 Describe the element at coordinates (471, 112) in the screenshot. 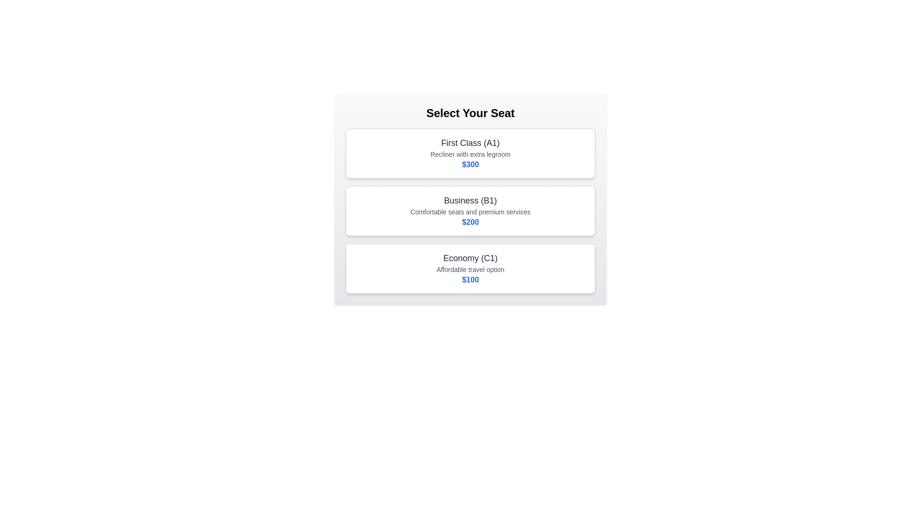

I see `the Text Header that provides a title or instruction for selecting a seating option, located at the top of the card above the first class selection` at that location.